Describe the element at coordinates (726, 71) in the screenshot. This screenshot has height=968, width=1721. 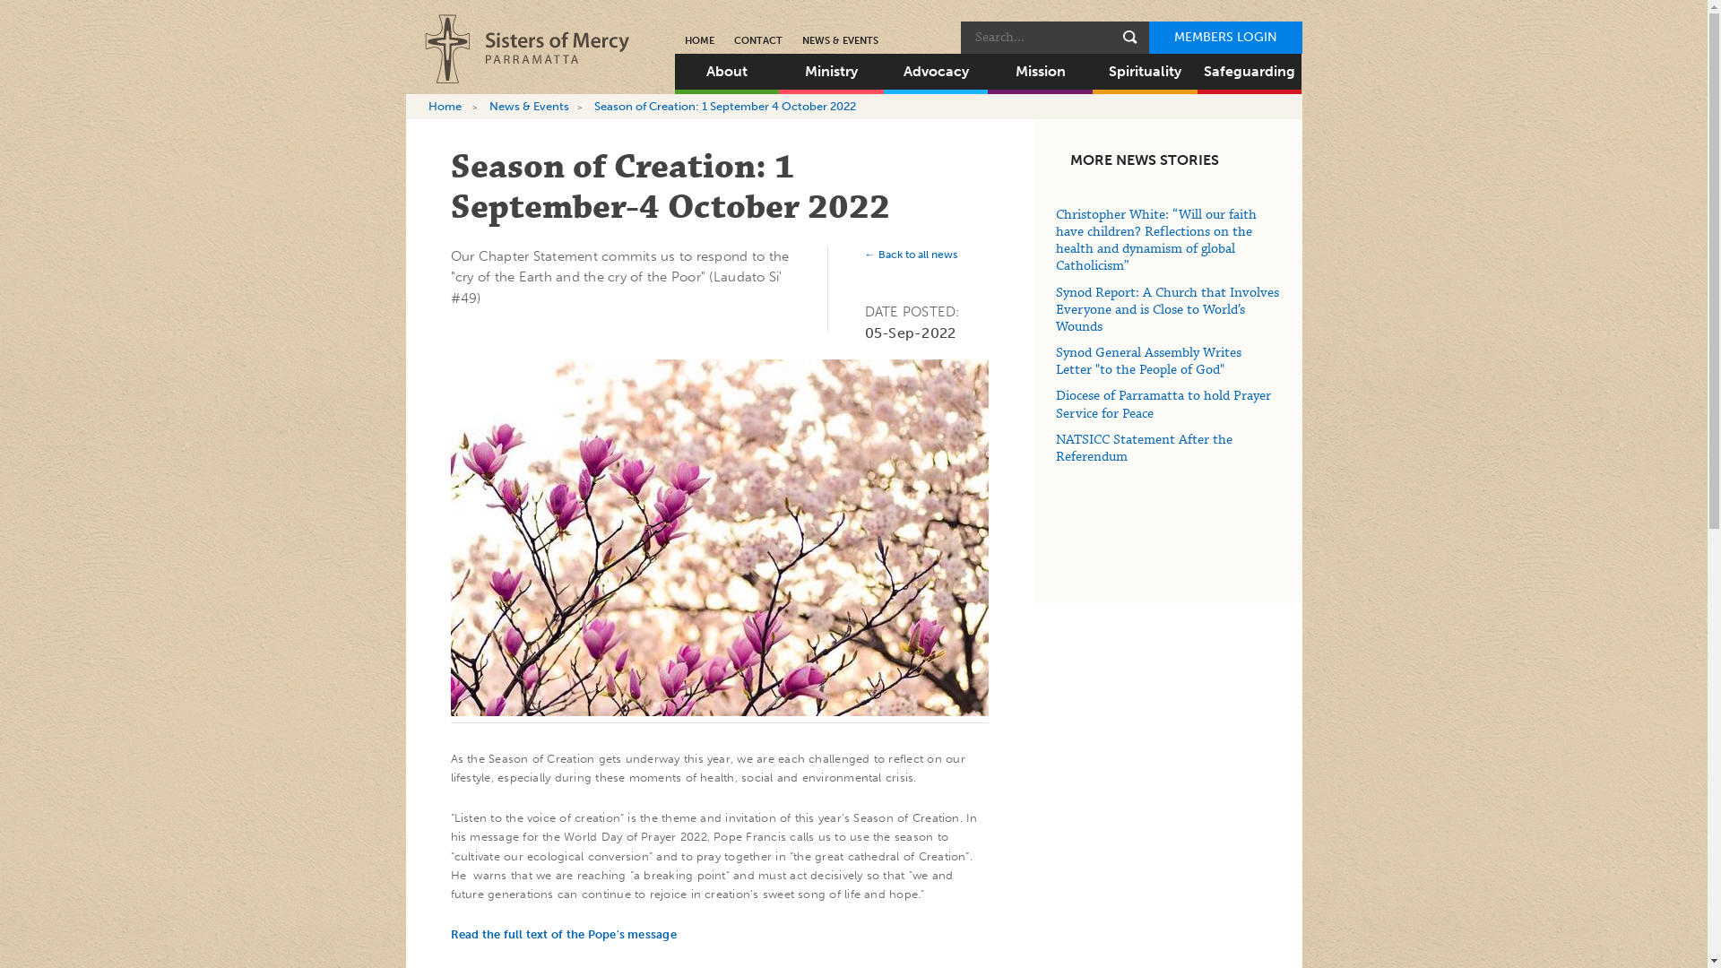
I see `'About'` at that location.